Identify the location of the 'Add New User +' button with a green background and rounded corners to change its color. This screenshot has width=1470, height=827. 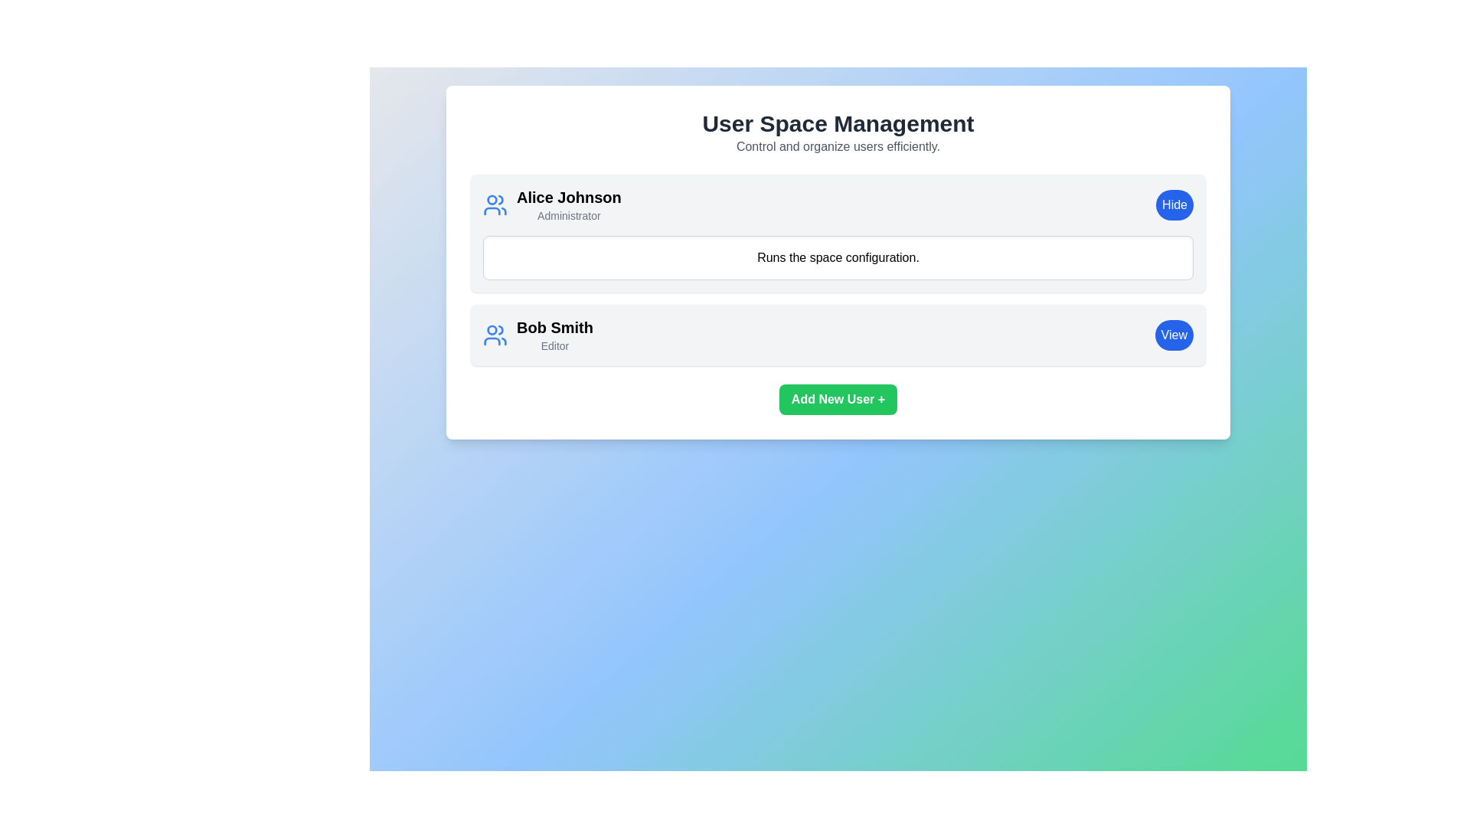
(837, 398).